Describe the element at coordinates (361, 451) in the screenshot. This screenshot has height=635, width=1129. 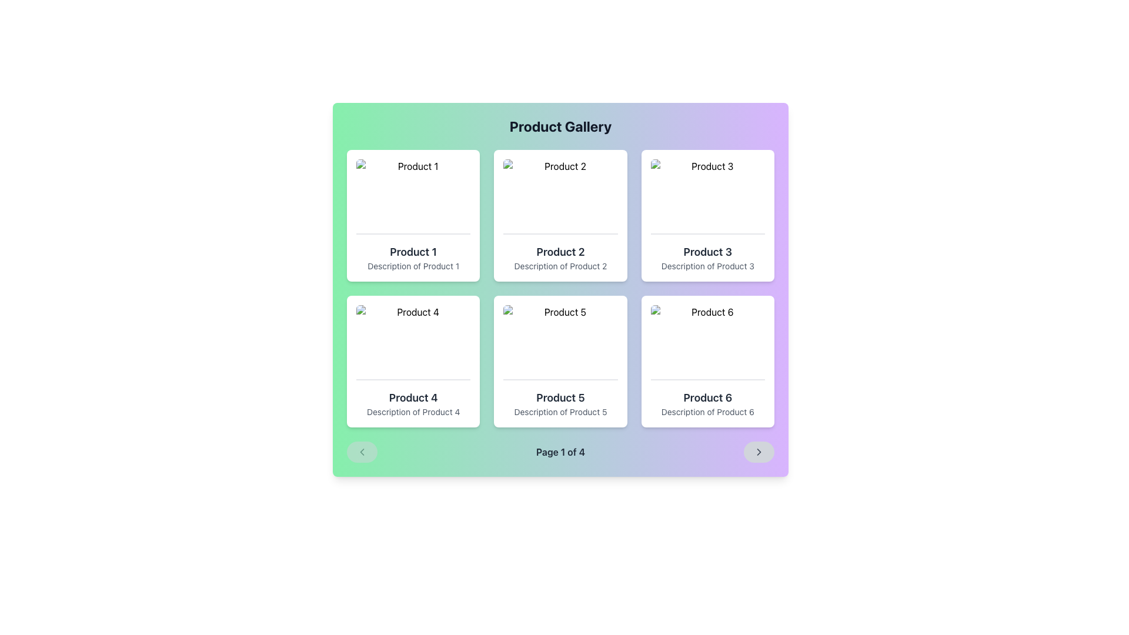
I see `the navigation icon located at the bottom-left corner of the interface` at that location.